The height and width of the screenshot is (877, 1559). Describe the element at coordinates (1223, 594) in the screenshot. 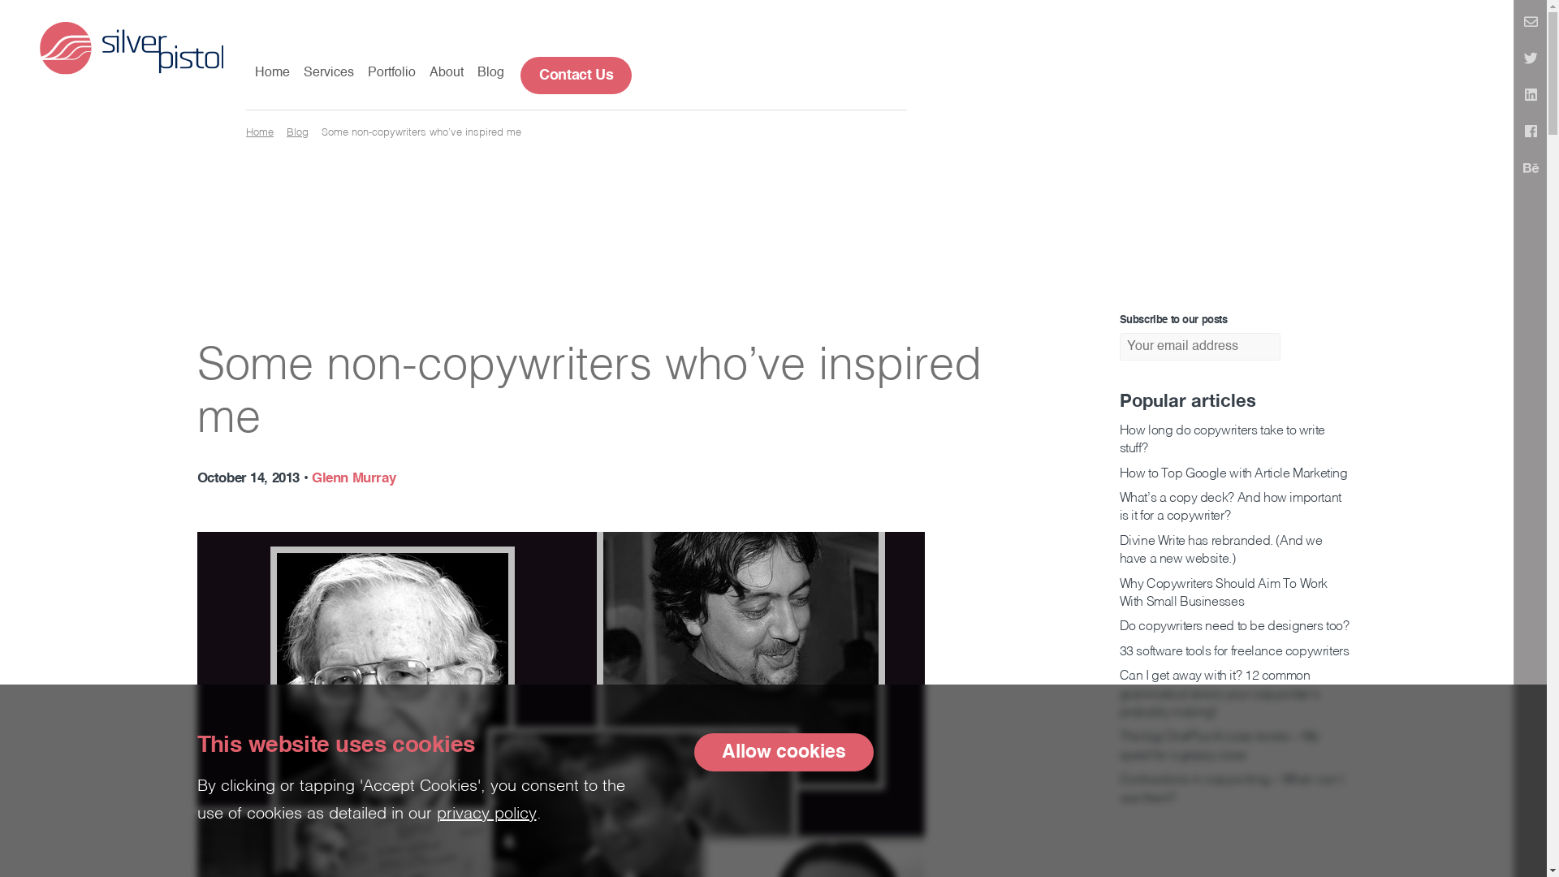

I see `'Why Copywriters Should Aim To Work With Small Businesses'` at that location.